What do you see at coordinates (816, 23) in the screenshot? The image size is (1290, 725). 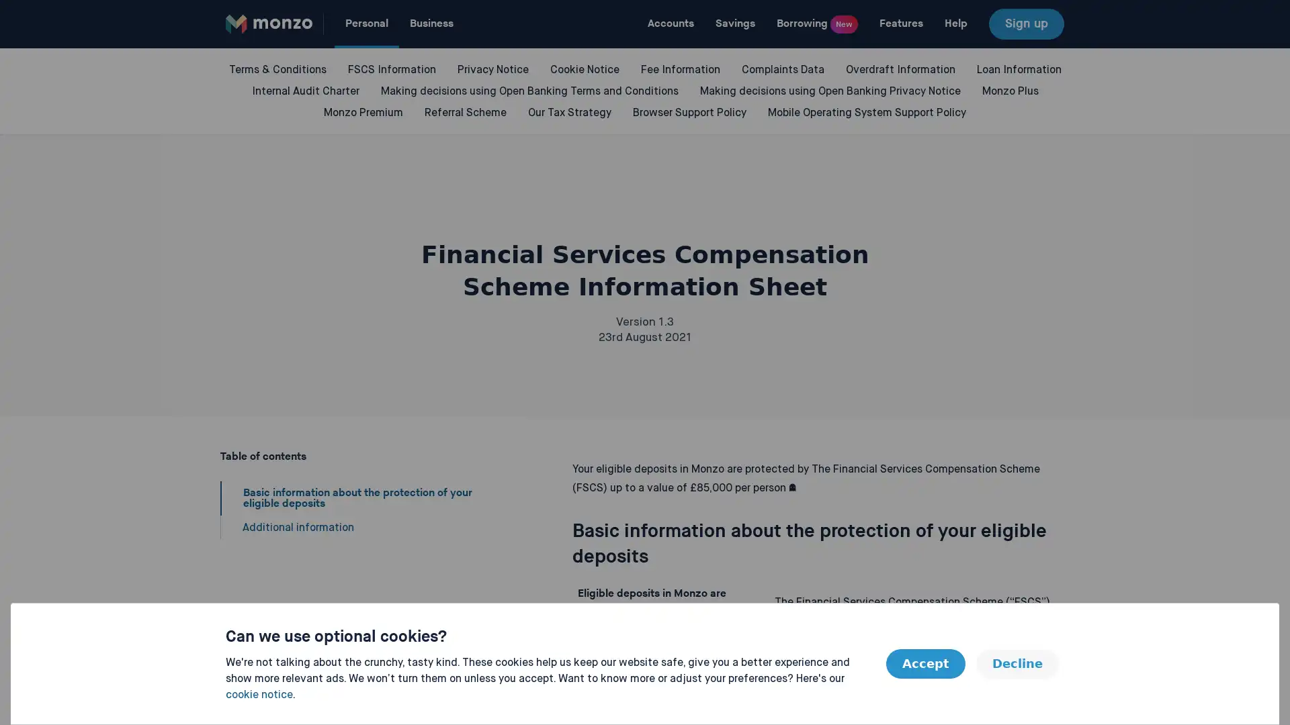 I see `Borrowing New` at bounding box center [816, 23].